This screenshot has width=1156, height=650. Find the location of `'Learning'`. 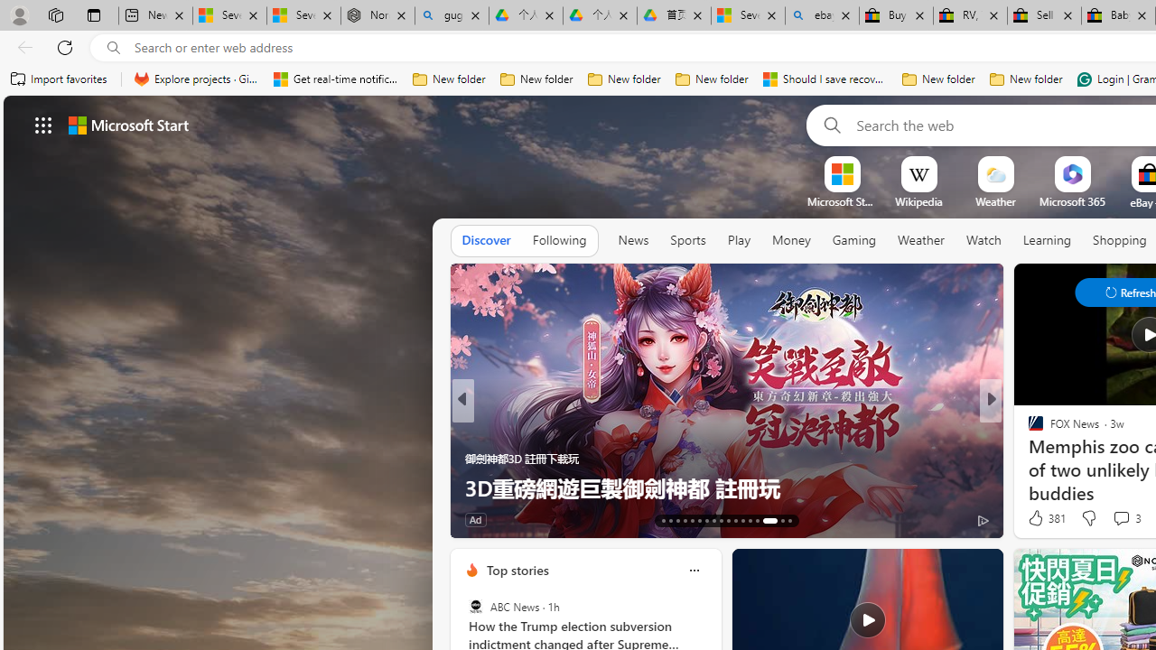

'Learning' is located at coordinates (1047, 240).